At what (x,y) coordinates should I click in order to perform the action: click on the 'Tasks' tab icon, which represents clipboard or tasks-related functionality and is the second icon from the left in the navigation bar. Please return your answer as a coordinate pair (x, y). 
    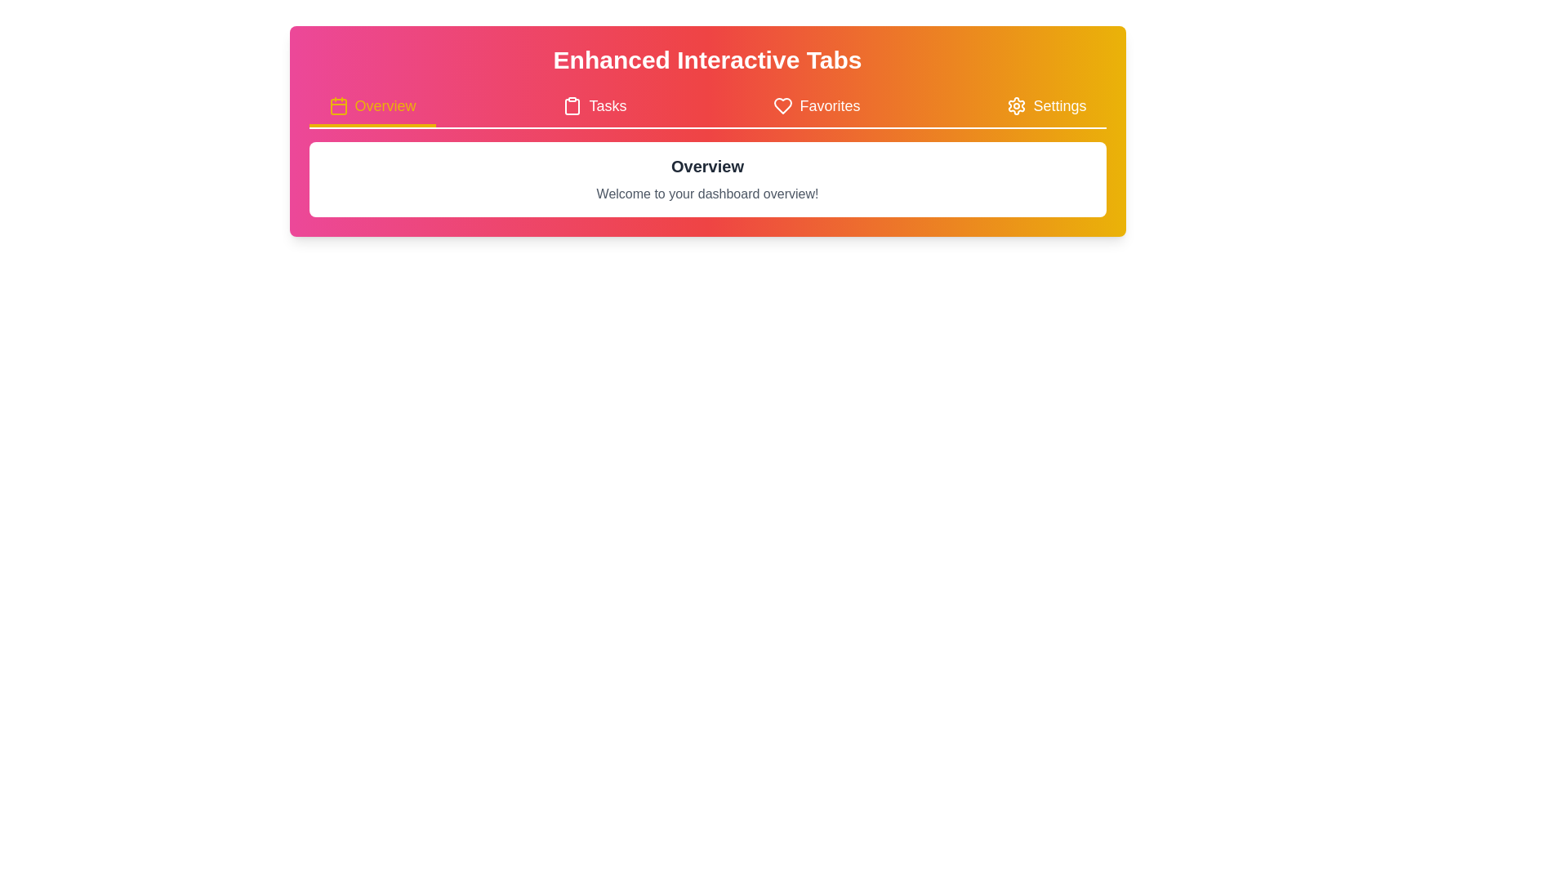
    Looking at the image, I should click on (572, 107).